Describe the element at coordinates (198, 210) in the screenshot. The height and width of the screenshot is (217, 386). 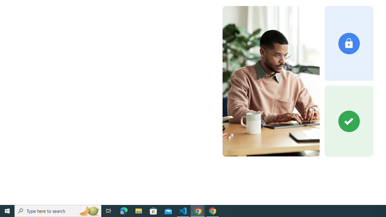
I see `'Google Chrome - 2 running windows'` at that location.